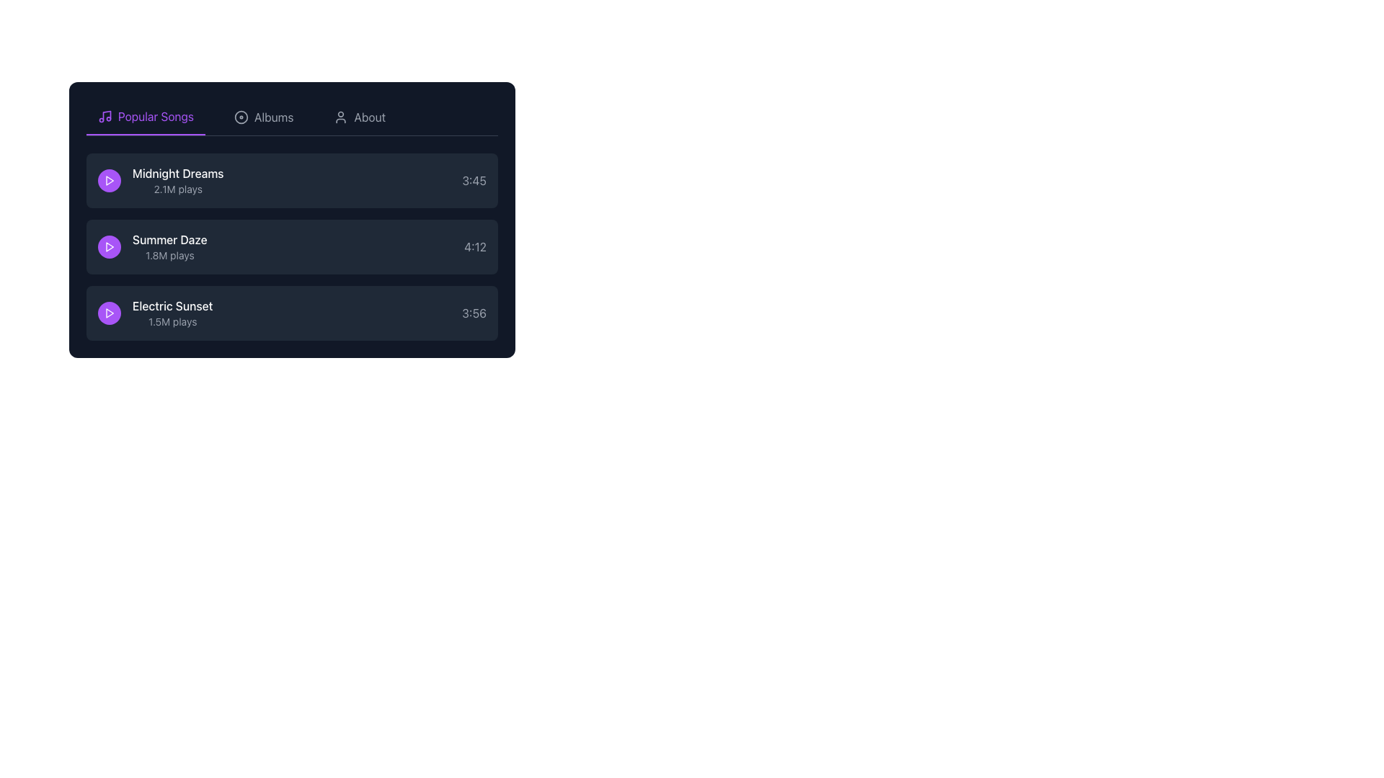  Describe the element at coordinates (109, 313) in the screenshot. I see `the circular button with a purple background and triangular play icon, located to the left of the text 'Electric Sunset'` at that location.